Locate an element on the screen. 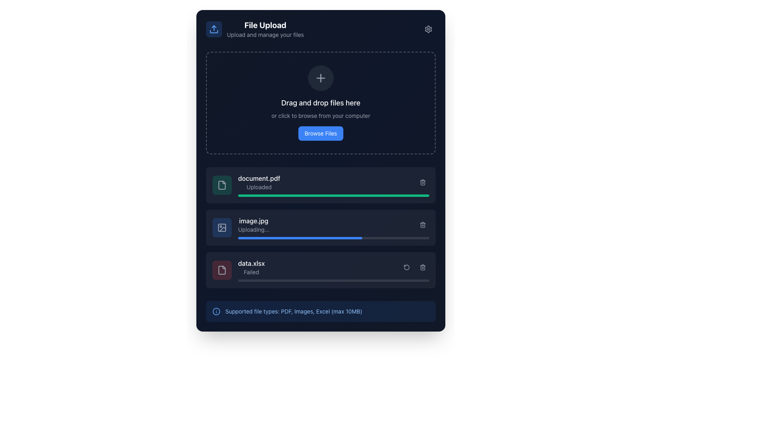 The image size is (771, 433). the informational text display located at the bottom of the file upload interface, which provides details about acceptable file types and maximum file size is located at coordinates (320, 311).